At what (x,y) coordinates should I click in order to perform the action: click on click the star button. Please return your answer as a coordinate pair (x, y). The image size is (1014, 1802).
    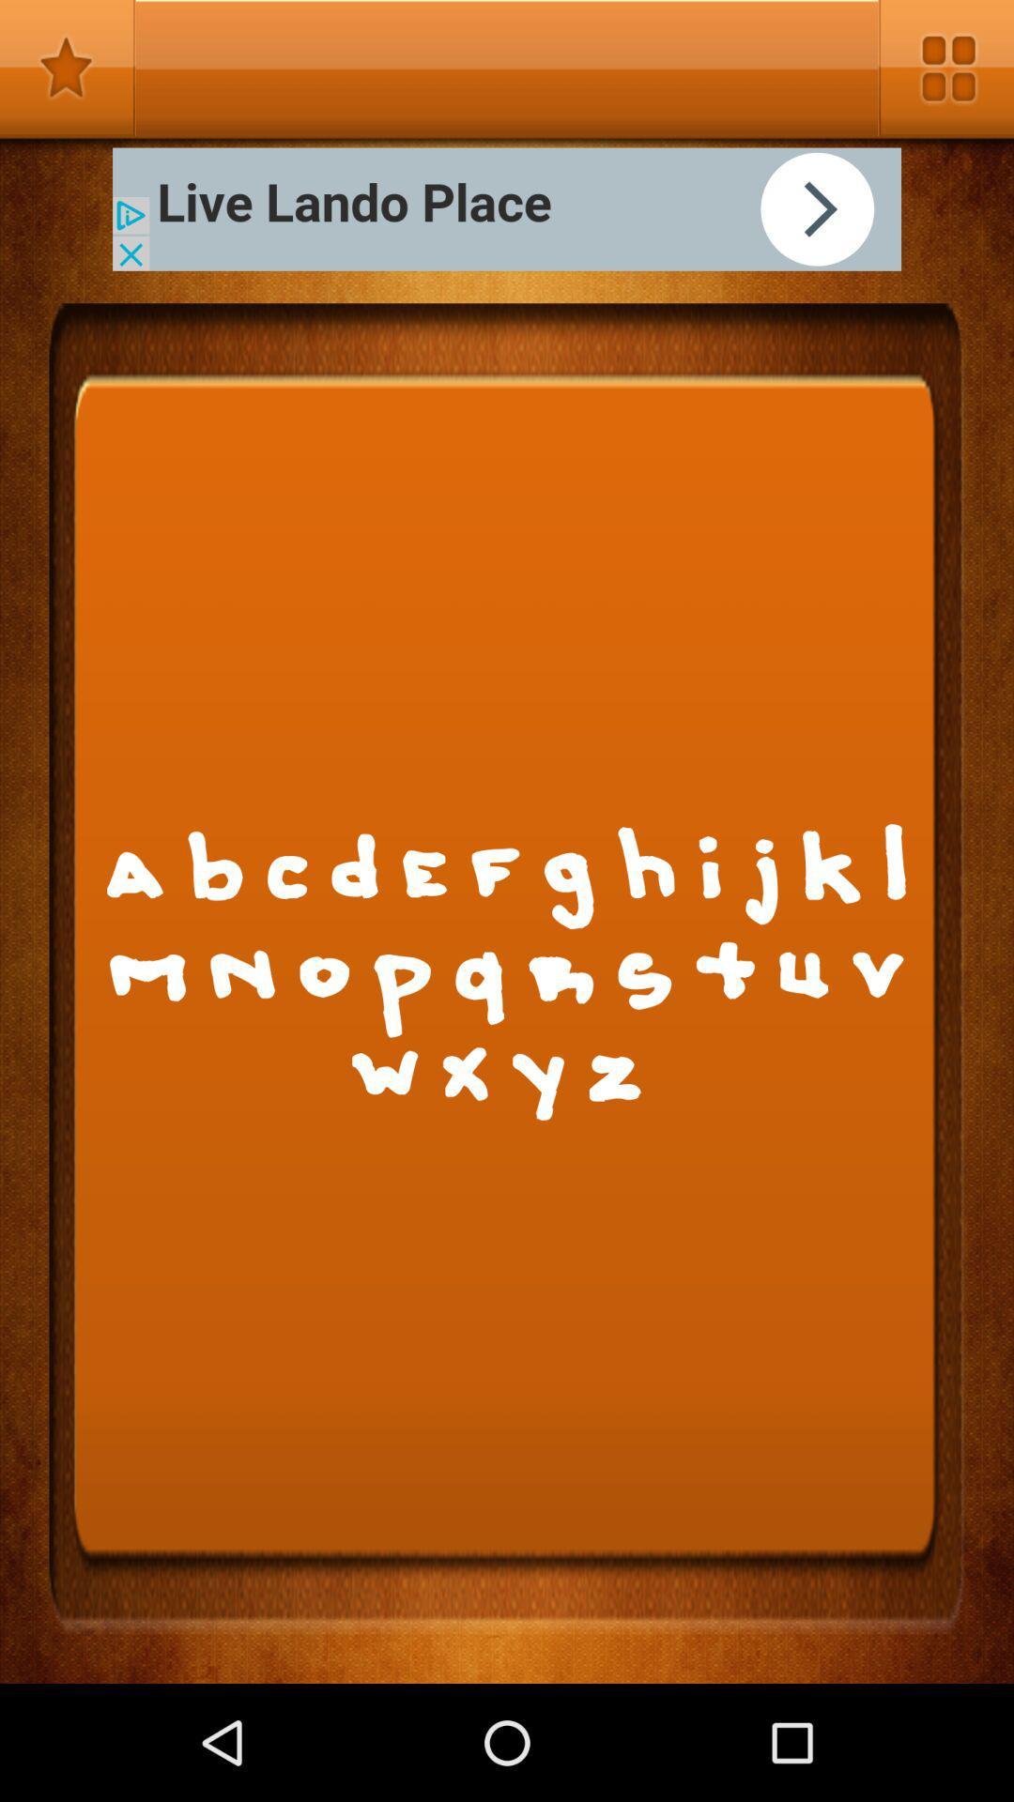
    Looking at the image, I should click on (67, 68).